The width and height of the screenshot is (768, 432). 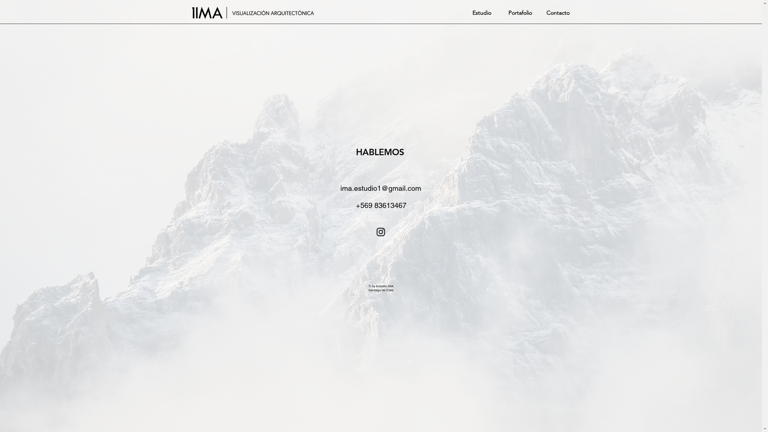 I want to click on 'Portafolio', so click(x=518, y=13).